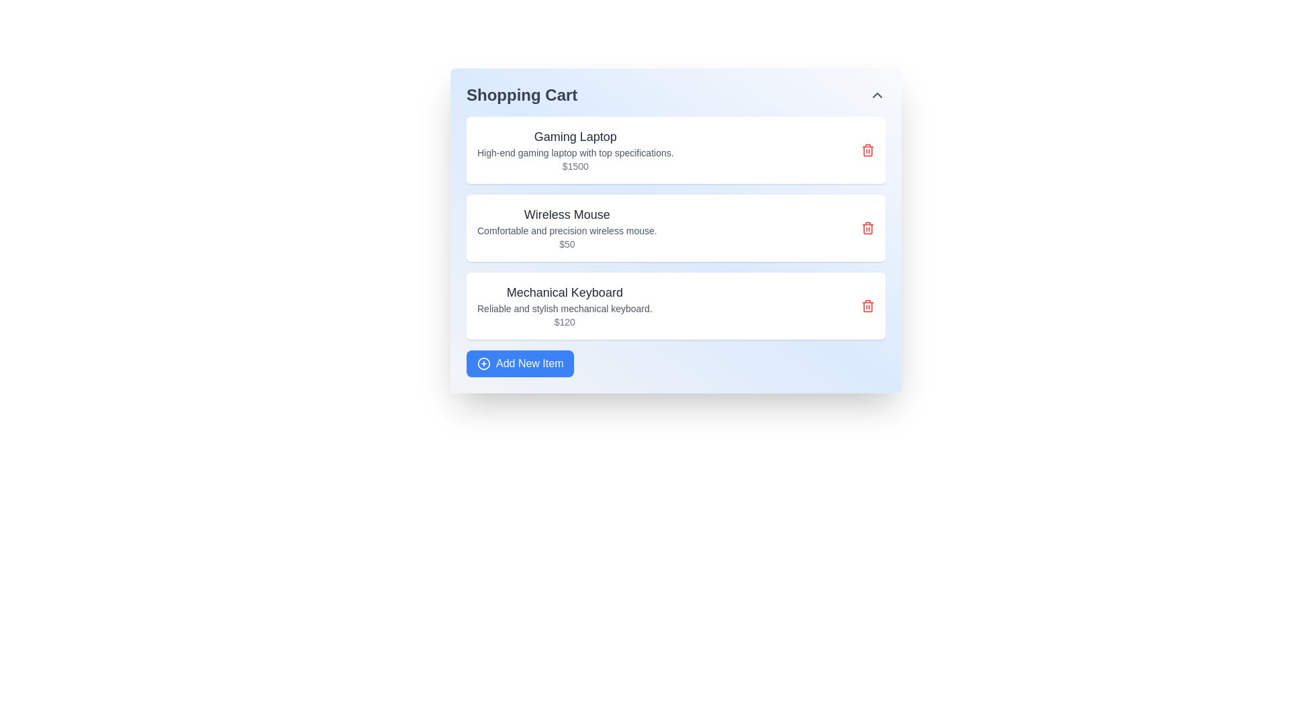  I want to click on the circular plus icon located within the 'Add New Item' button at the bottom left of the shopping cart interface, so click(483, 364).